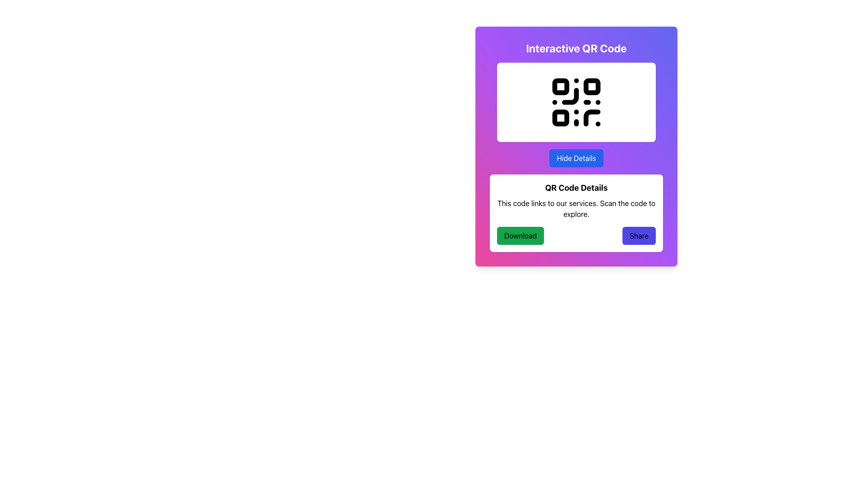 The image size is (866, 487). What do you see at coordinates (576, 102) in the screenshot?
I see `the Interactive QR Code element by scanning it with a compatible device` at bounding box center [576, 102].